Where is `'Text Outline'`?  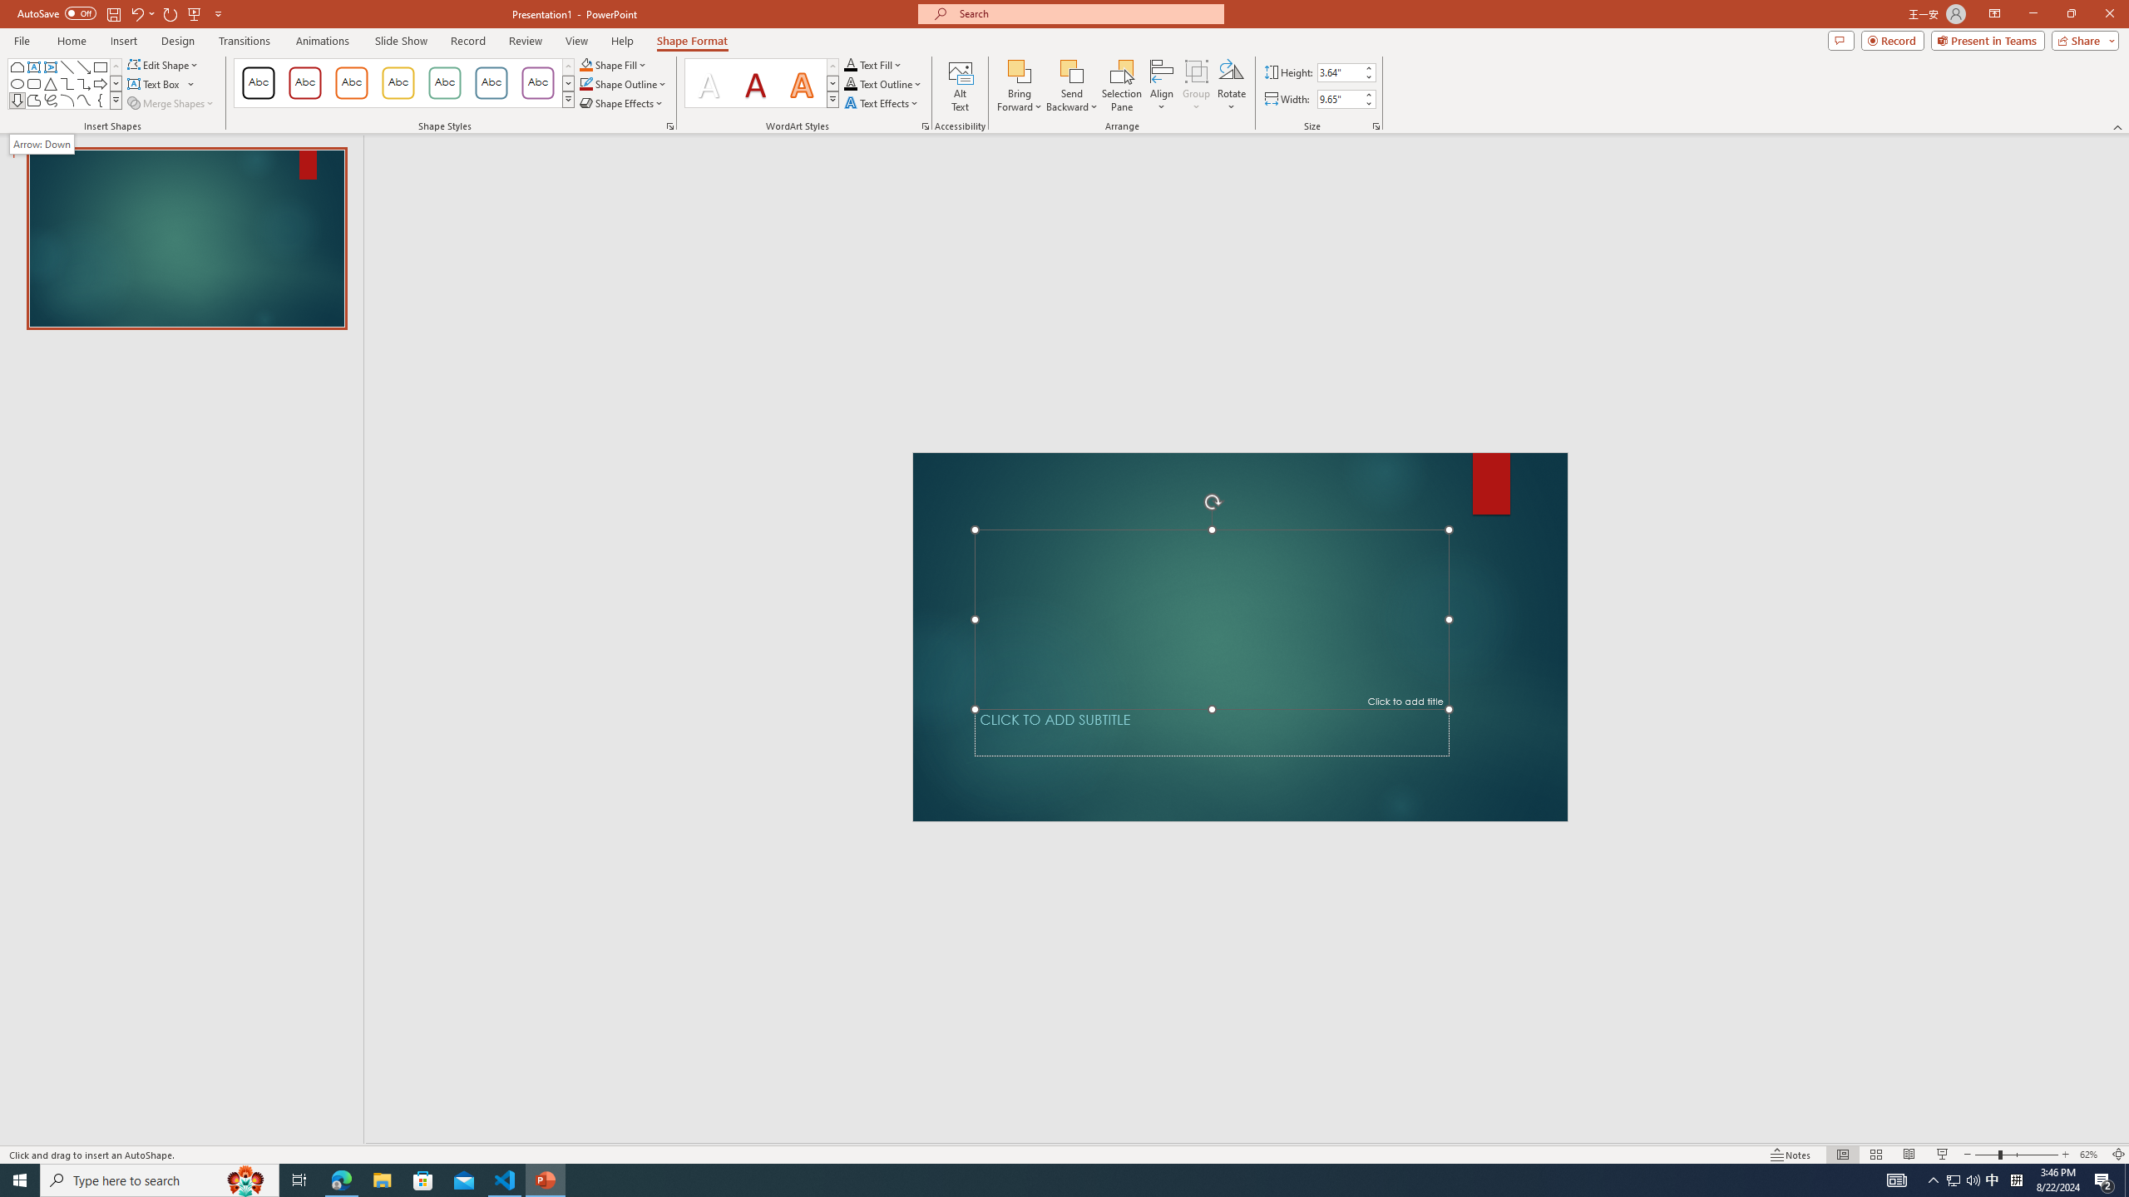 'Text Outline' is located at coordinates (882, 82).